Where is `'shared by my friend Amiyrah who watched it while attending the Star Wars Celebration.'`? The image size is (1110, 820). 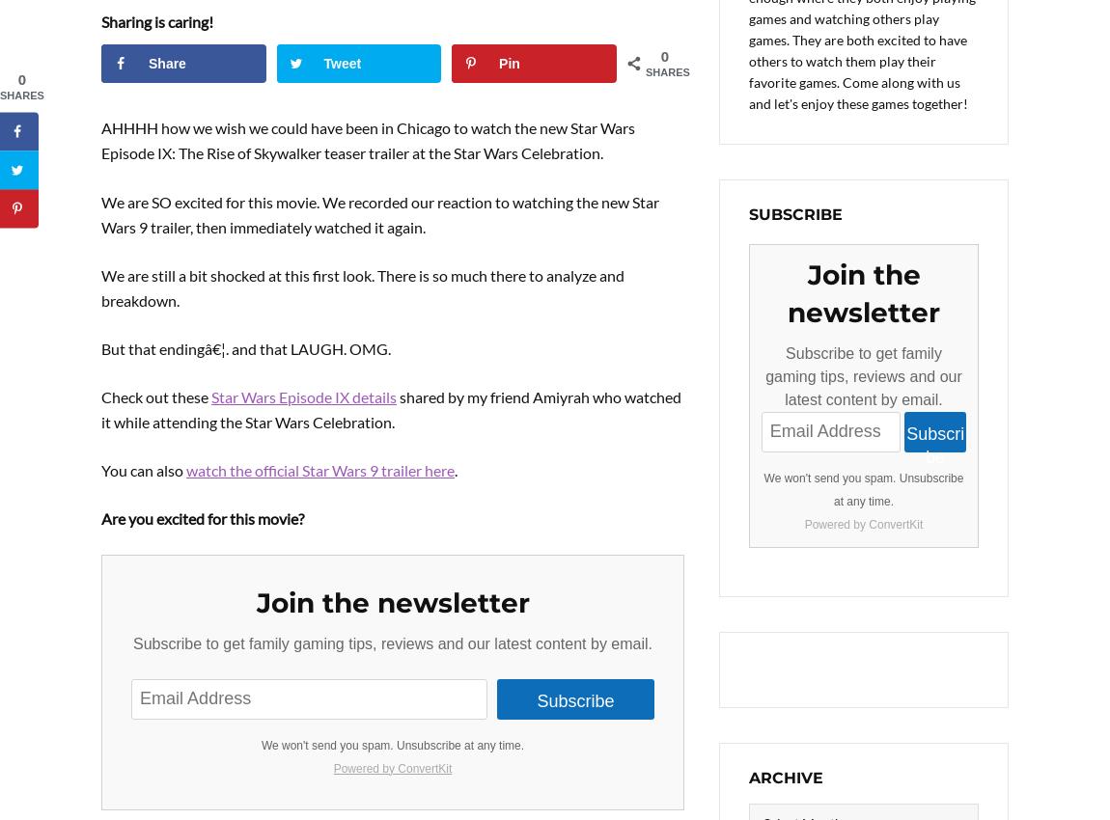
'shared by my friend Amiyrah who watched it while attending the Star Wars Celebration.' is located at coordinates (391, 408).